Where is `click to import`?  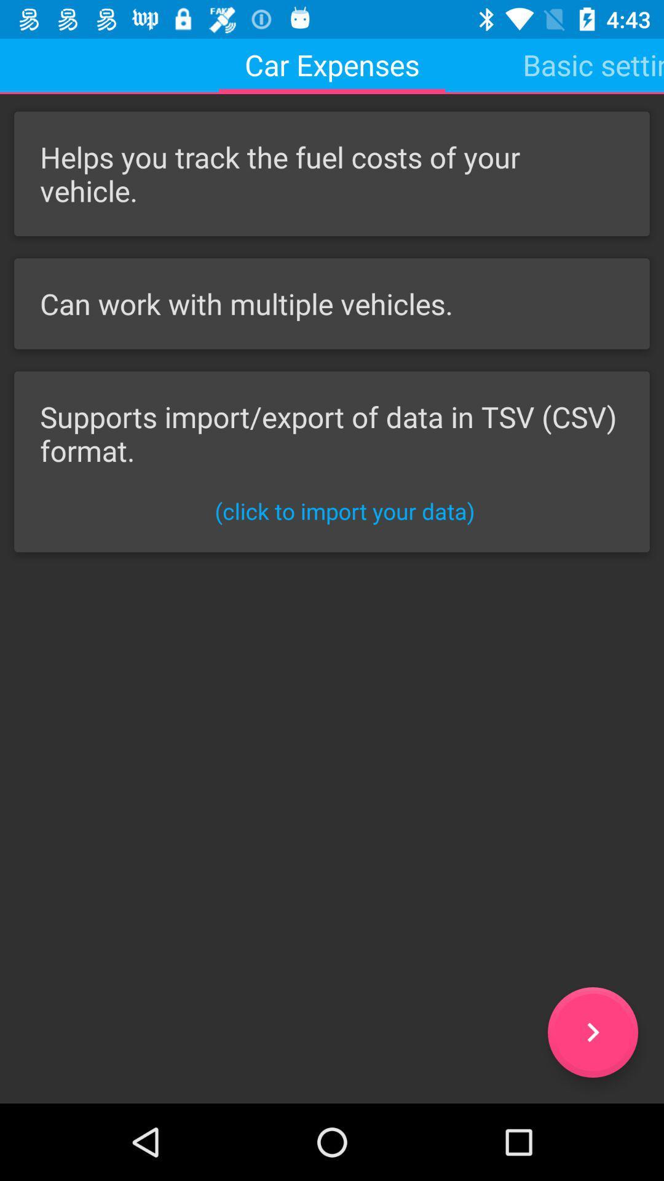
click to import is located at coordinates (344, 511).